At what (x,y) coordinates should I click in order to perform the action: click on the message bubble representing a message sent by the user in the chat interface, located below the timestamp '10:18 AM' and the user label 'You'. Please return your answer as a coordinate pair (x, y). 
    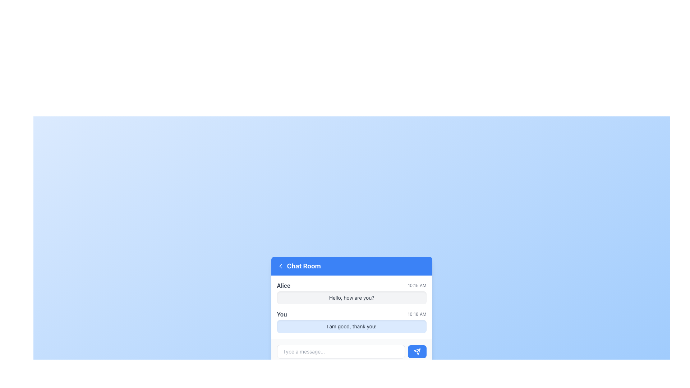
    Looking at the image, I should click on (351, 326).